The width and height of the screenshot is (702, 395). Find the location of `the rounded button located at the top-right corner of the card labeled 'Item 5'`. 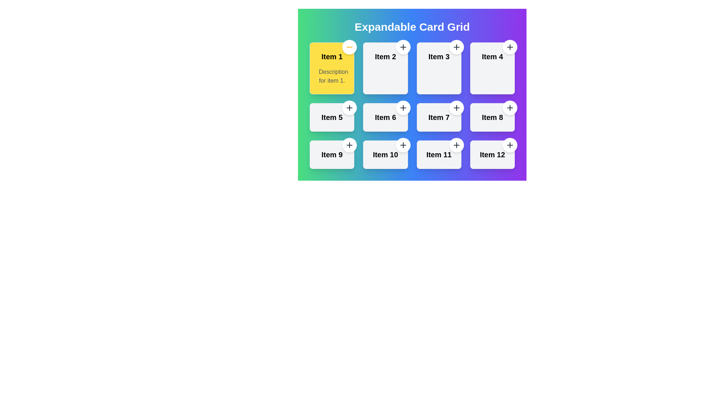

the rounded button located at the top-right corner of the card labeled 'Item 5' is located at coordinates (349, 108).